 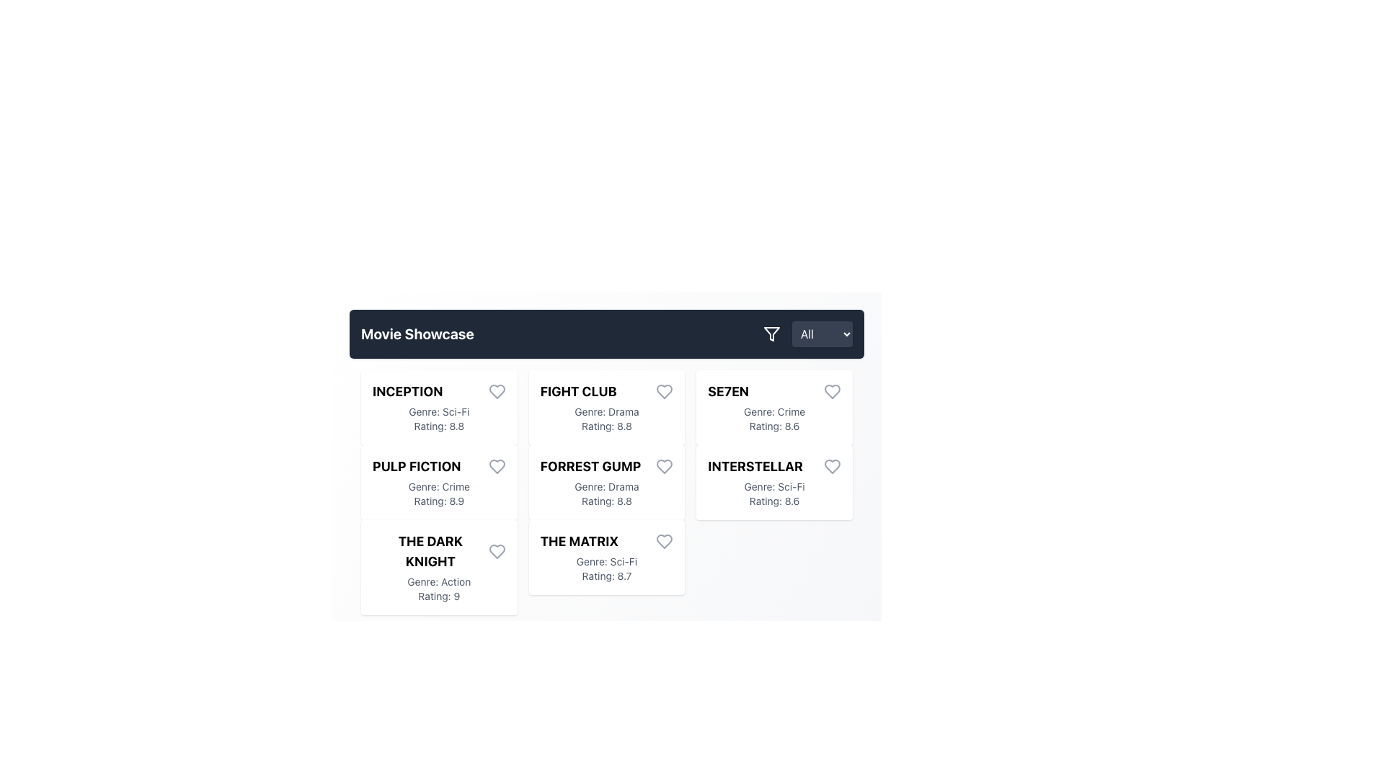 I want to click on the text label displaying 'Sci-Fi' which is part of the genre indication for the movie 'INCEPTION', so click(x=455, y=411).